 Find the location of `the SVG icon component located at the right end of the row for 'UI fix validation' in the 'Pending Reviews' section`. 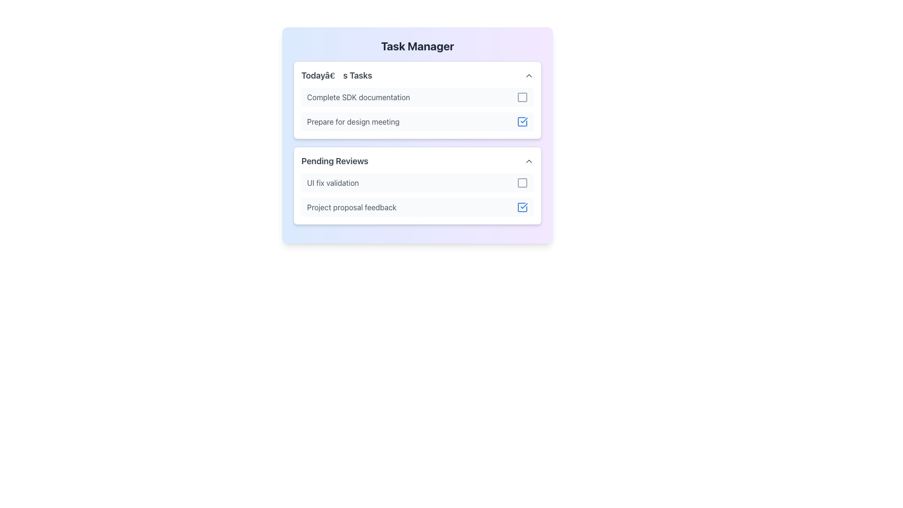

the SVG icon component located at the right end of the row for 'UI fix validation' in the 'Pending Reviews' section is located at coordinates (522, 183).